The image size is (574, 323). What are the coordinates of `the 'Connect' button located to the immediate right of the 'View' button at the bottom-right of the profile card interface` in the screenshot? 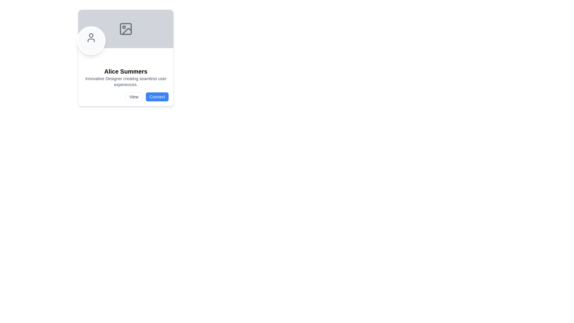 It's located at (157, 97).